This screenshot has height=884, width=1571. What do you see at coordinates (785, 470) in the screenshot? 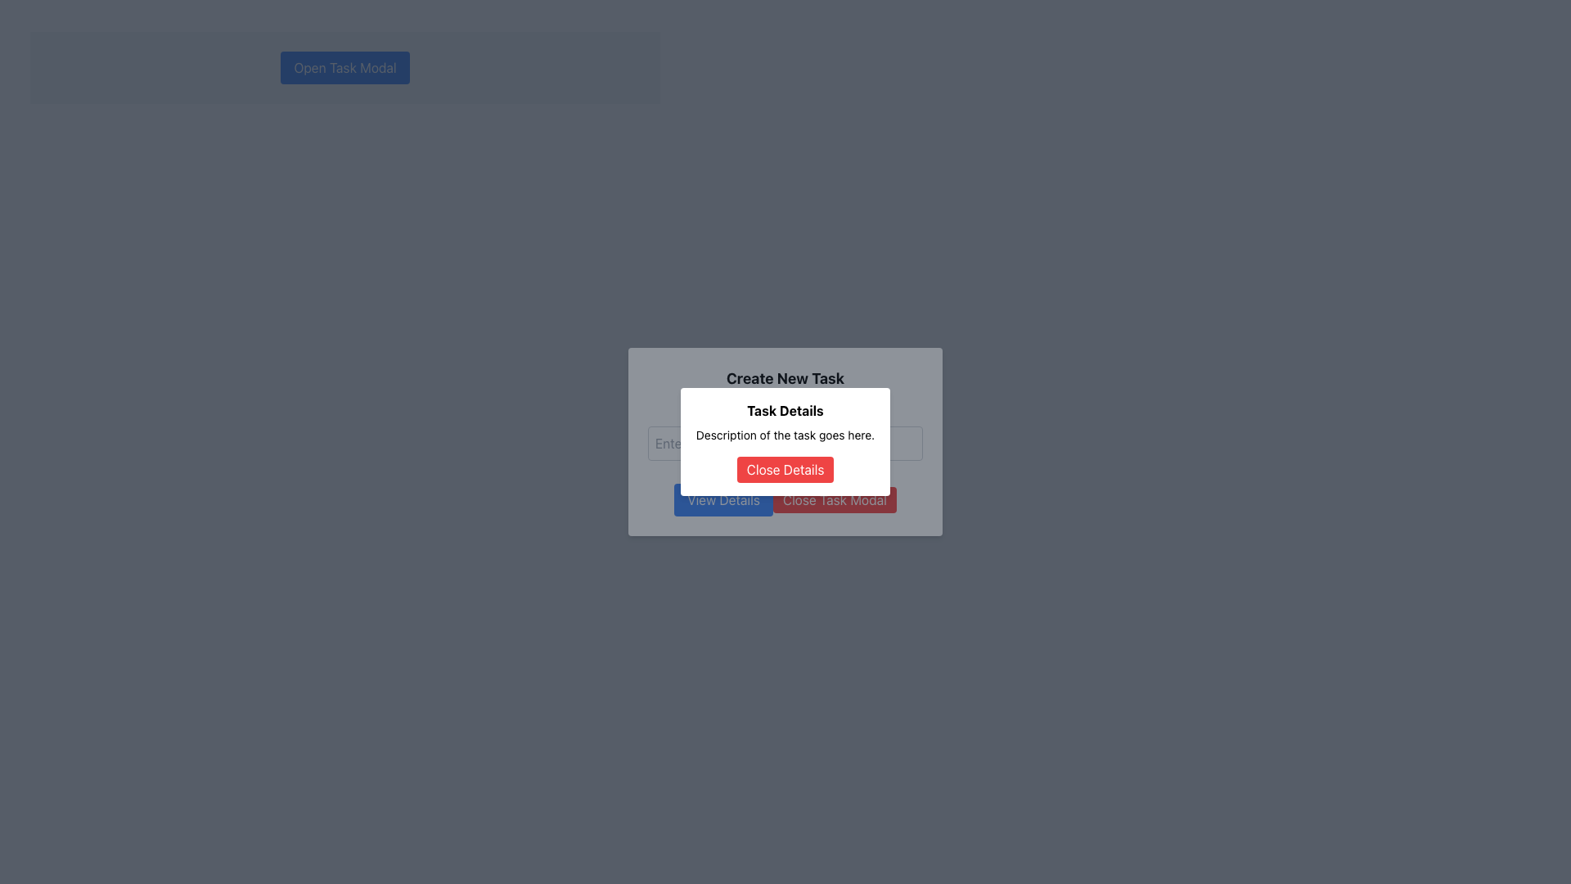
I see `the red button labeled 'Close Details' with rounded corners` at bounding box center [785, 470].